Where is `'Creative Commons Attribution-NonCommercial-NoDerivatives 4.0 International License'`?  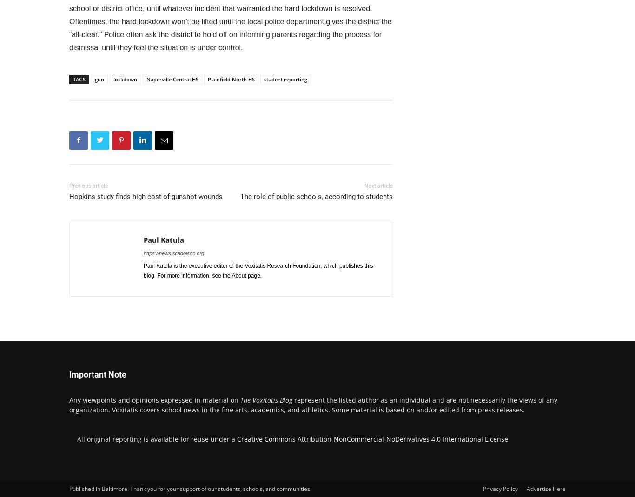 'Creative Commons Attribution-NonCommercial-NoDerivatives 4.0 International License' is located at coordinates (372, 438).